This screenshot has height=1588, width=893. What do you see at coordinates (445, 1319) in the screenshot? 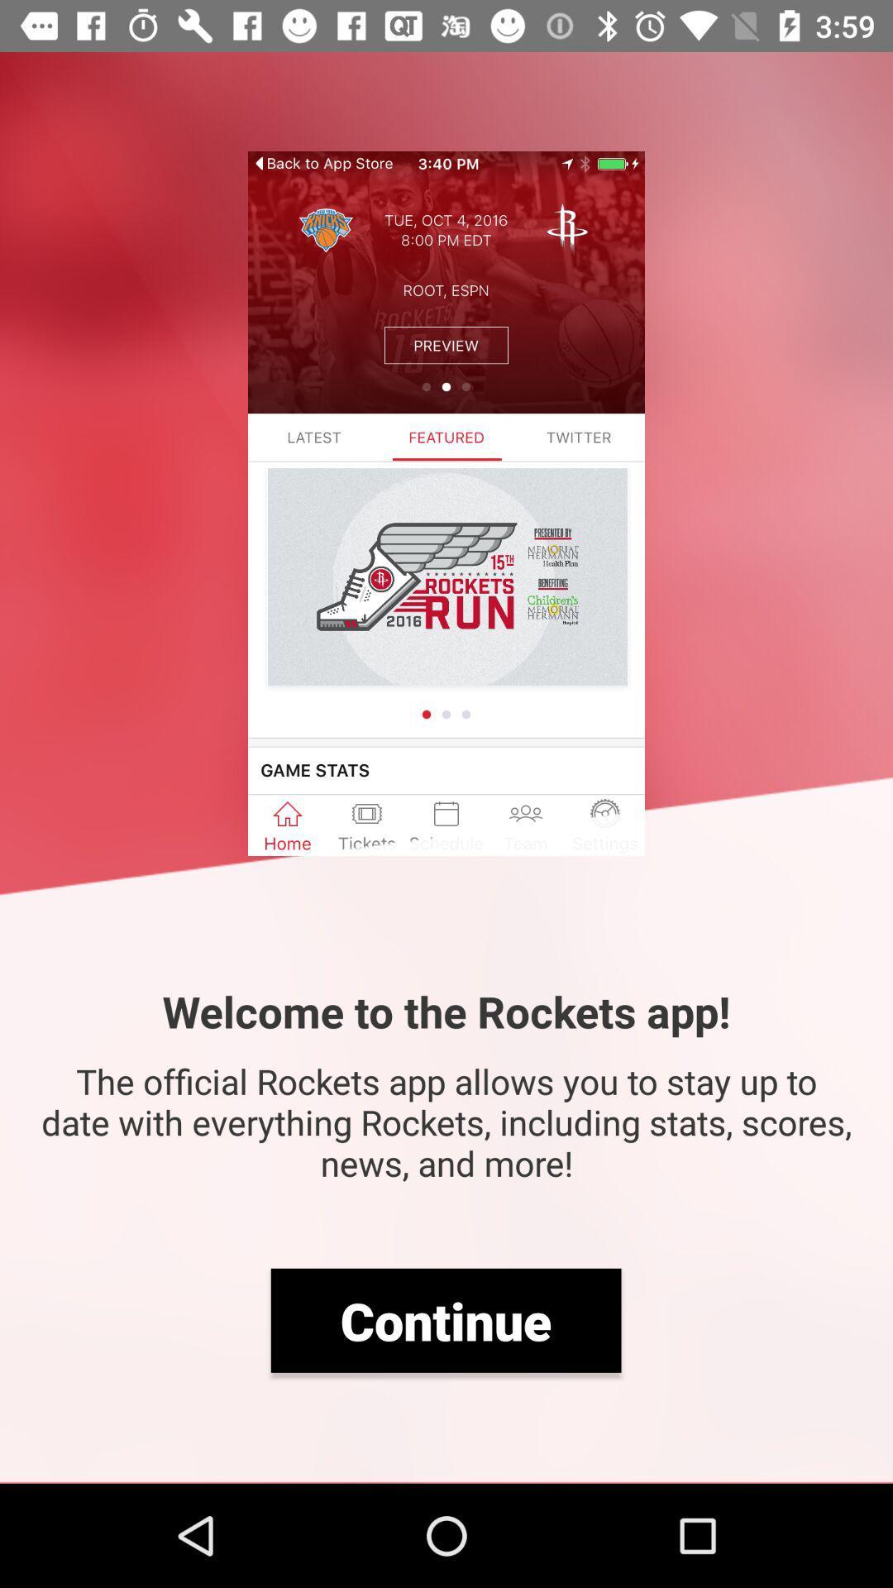
I see `the continue icon` at bounding box center [445, 1319].